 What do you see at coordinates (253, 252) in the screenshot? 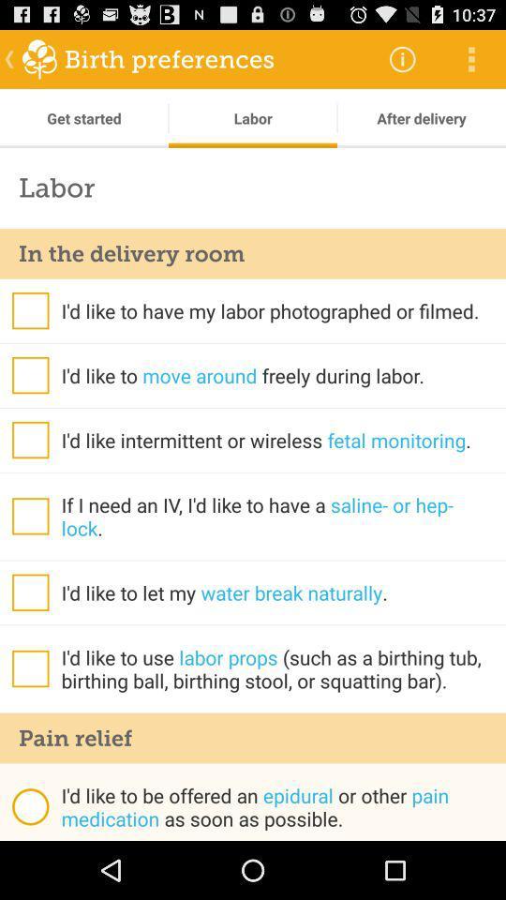
I see `icon below labor icon` at bounding box center [253, 252].